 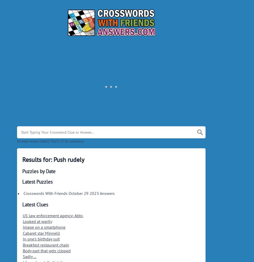 What do you see at coordinates (23, 250) in the screenshot?
I see `'Body part that gets clipped'` at bounding box center [23, 250].